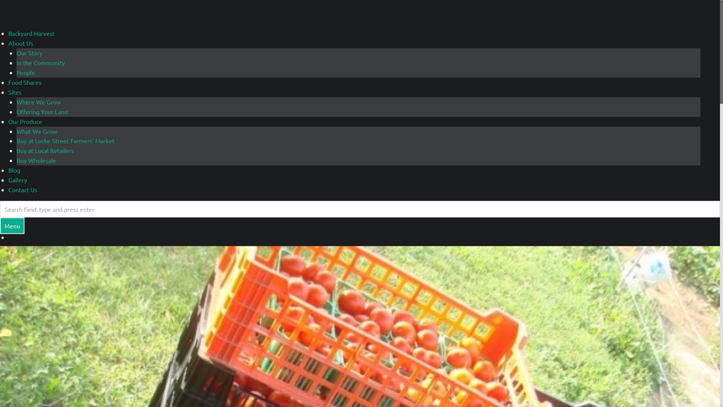  I want to click on 'Our Produce', so click(25, 121).